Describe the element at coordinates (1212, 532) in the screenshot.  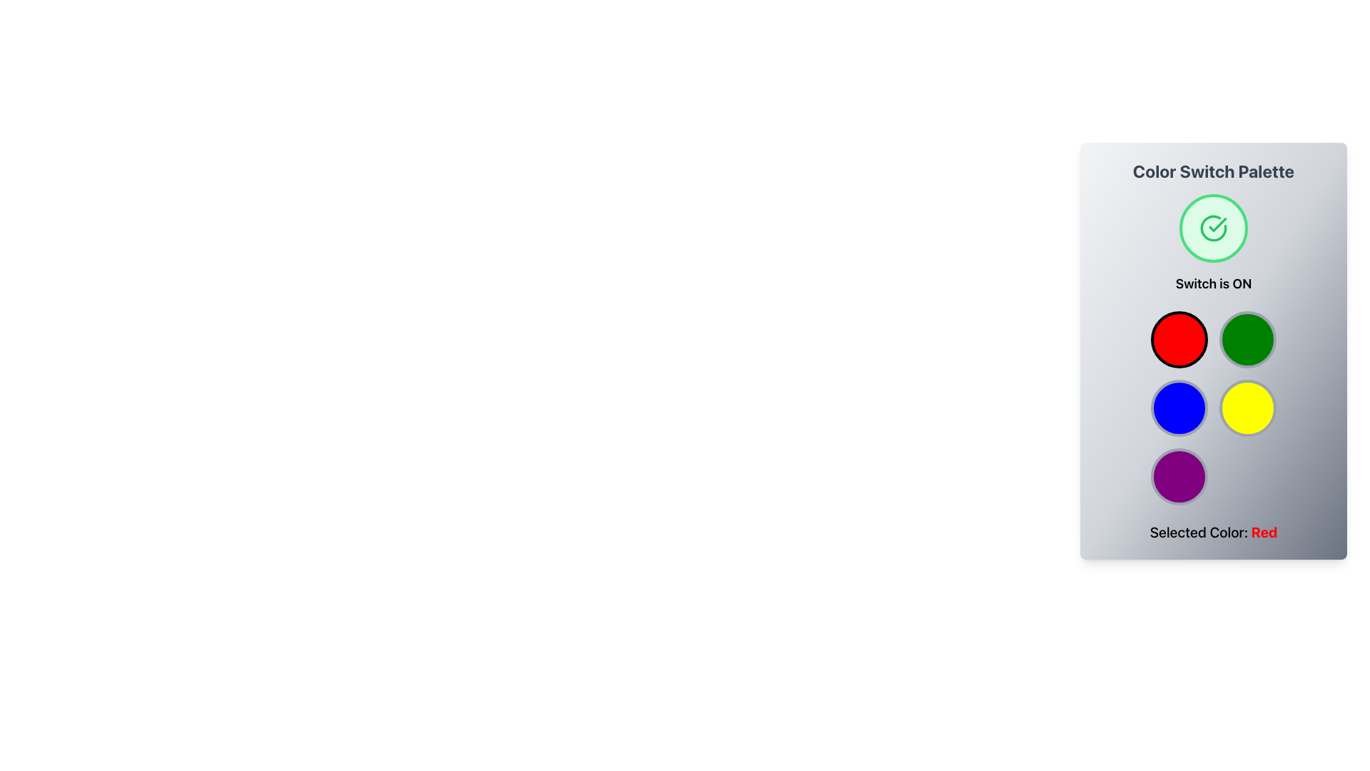
I see `text from the Text Label that informs the user about the currently selected color option, positioned below the grid of colored circles` at that location.